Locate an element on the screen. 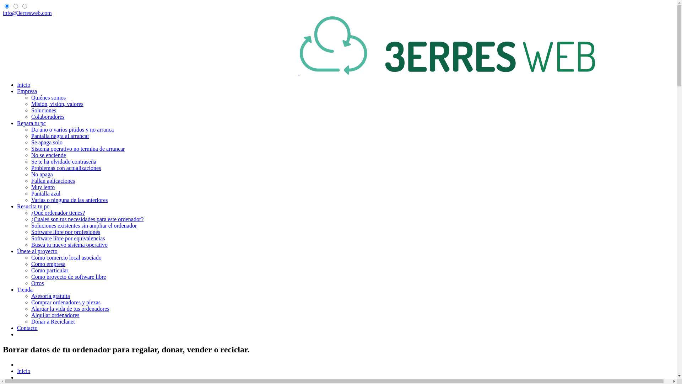  'Pantalla azul' is located at coordinates (45, 193).